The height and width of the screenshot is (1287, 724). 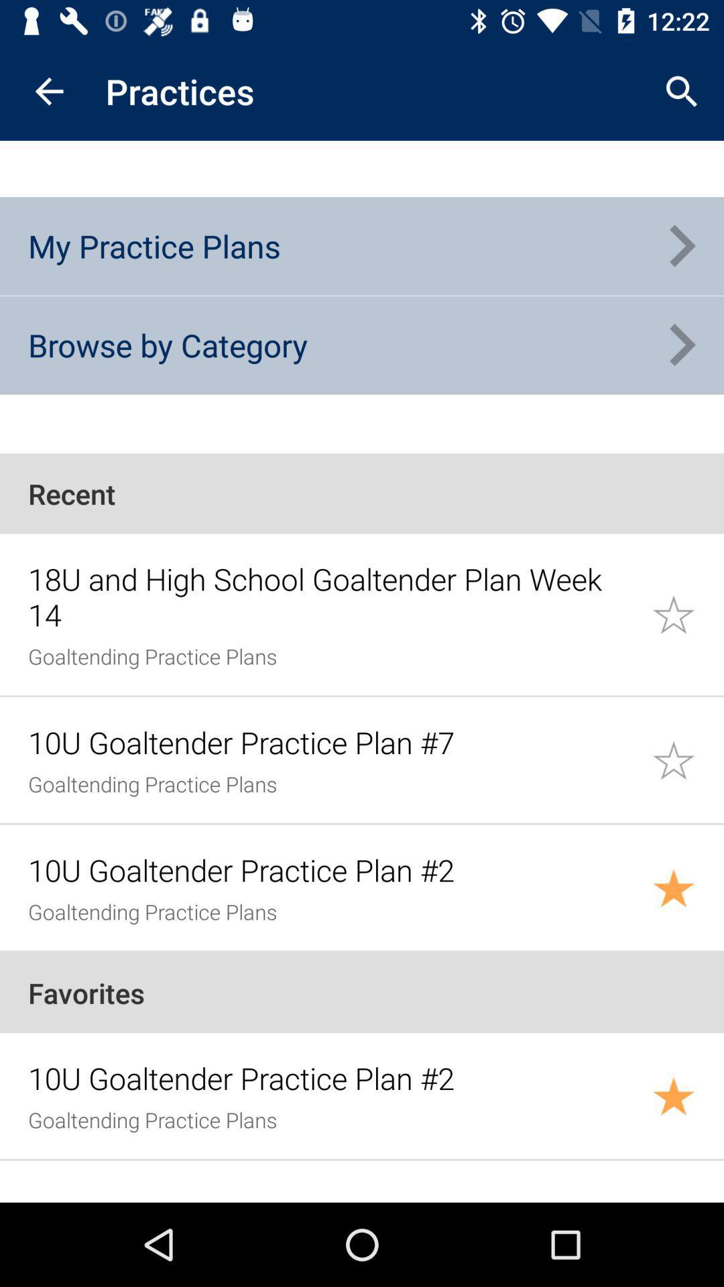 What do you see at coordinates (167, 345) in the screenshot?
I see `item below the my practice plans item` at bounding box center [167, 345].